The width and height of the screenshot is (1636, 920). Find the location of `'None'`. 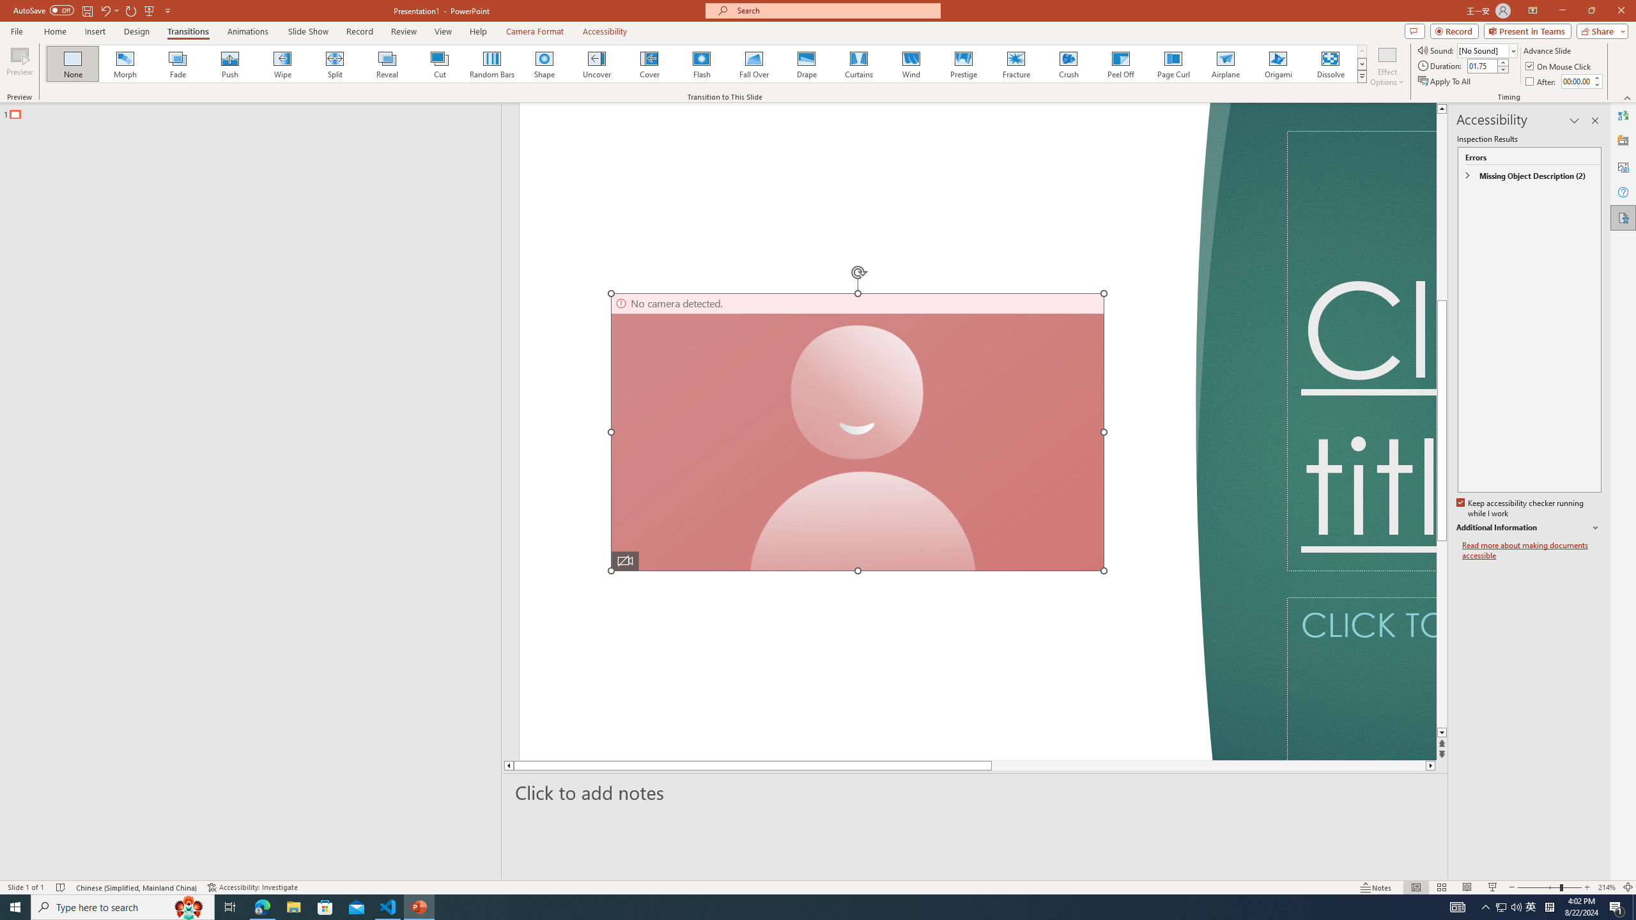

'None' is located at coordinates (73, 63).